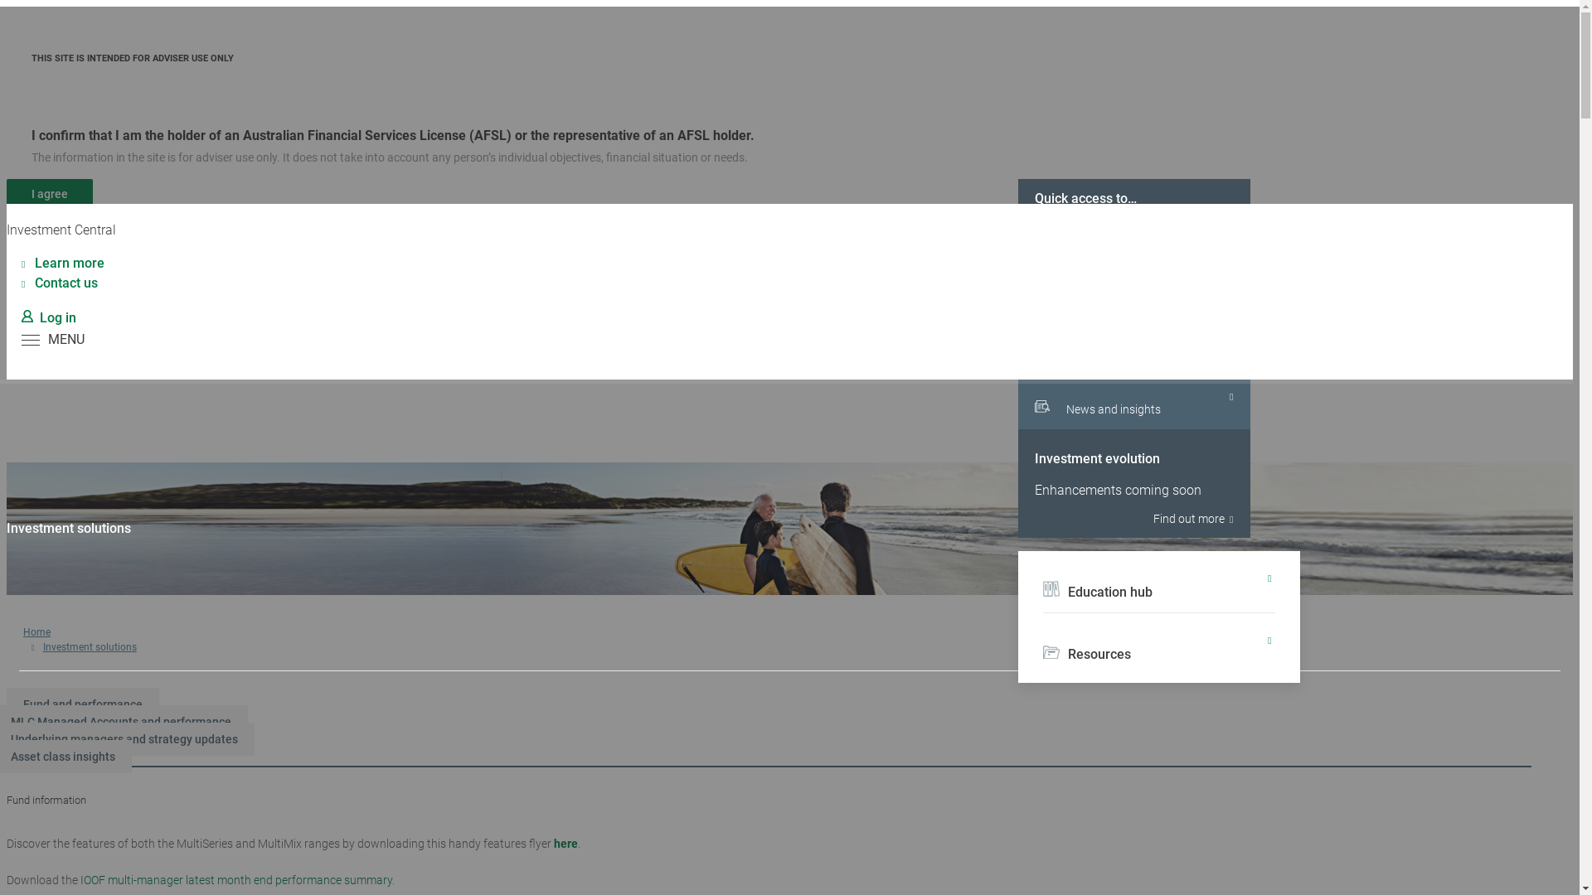 The width and height of the screenshot is (1592, 895). I want to click on 'Investment solutions', so click(89, 646).